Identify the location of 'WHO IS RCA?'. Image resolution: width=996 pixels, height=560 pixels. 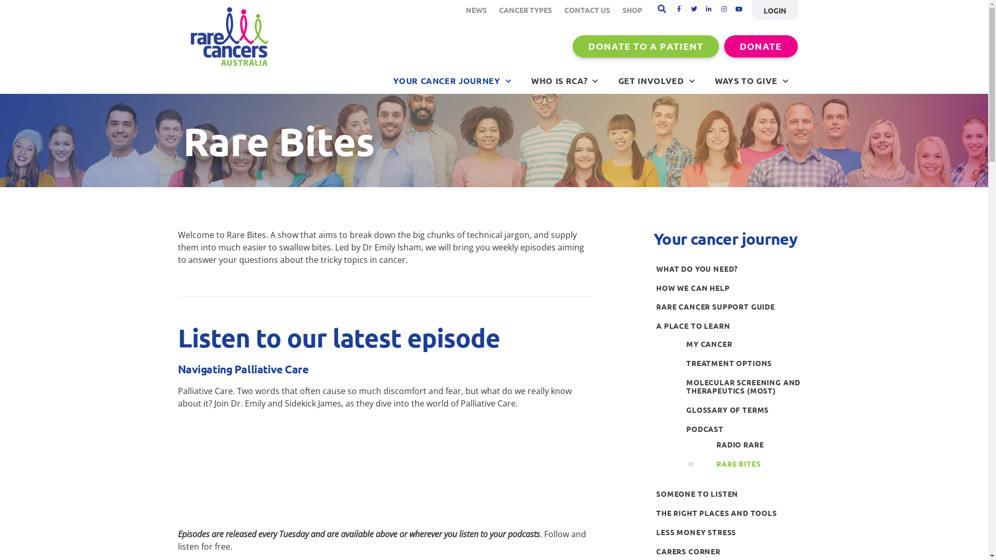
(564, 80).